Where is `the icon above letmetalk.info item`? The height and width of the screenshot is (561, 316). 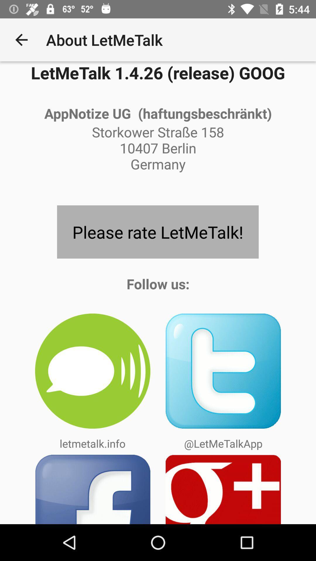
the icon above letmetalk.info item is located at coordinates (92, 371).